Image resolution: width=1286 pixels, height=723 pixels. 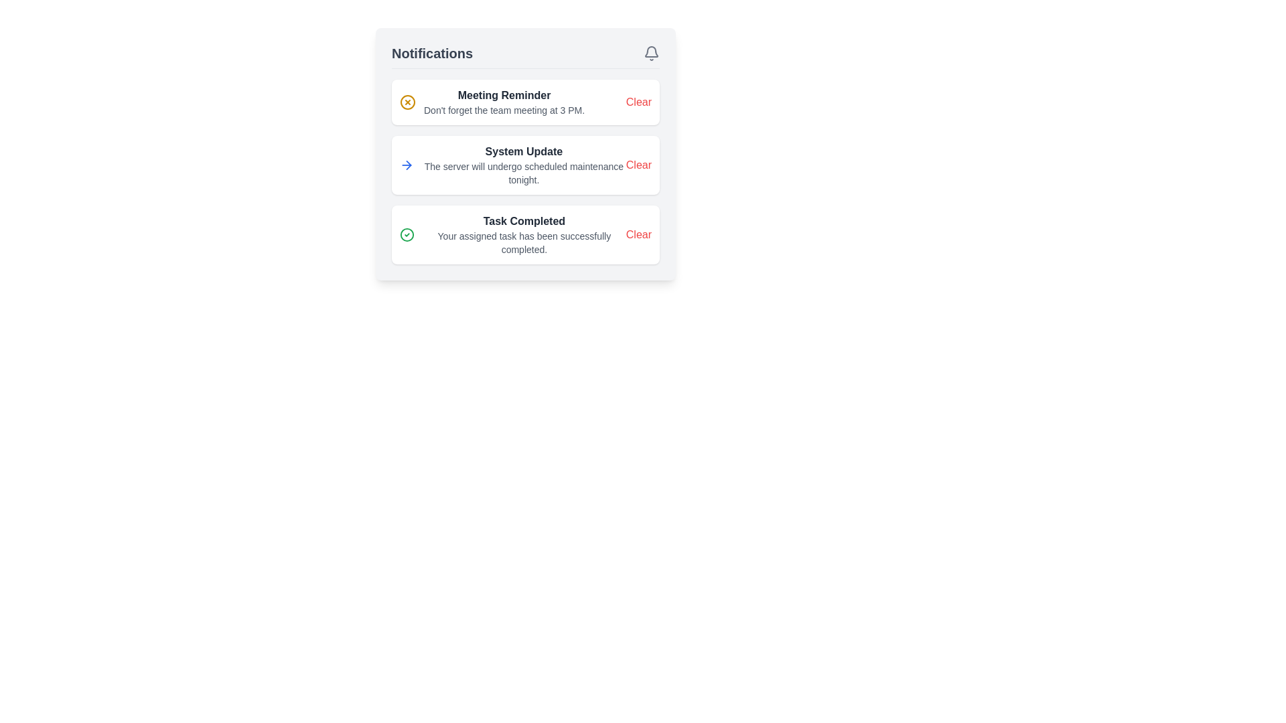 What do you see at coordinates (407, 234) in the screenshot?
I see `the circular outline of the 'Task Completed' notification located in the bottom area of the notification list` at bounding box center [407, 234].